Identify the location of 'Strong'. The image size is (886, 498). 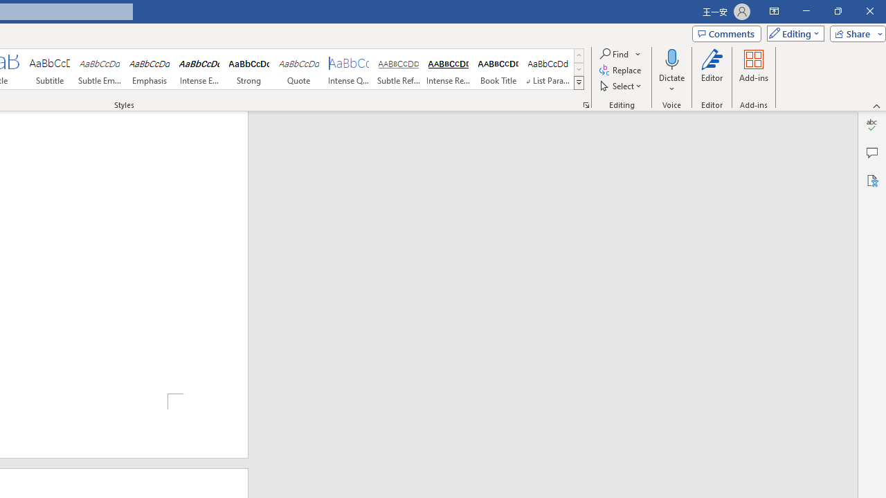
(248, 69).